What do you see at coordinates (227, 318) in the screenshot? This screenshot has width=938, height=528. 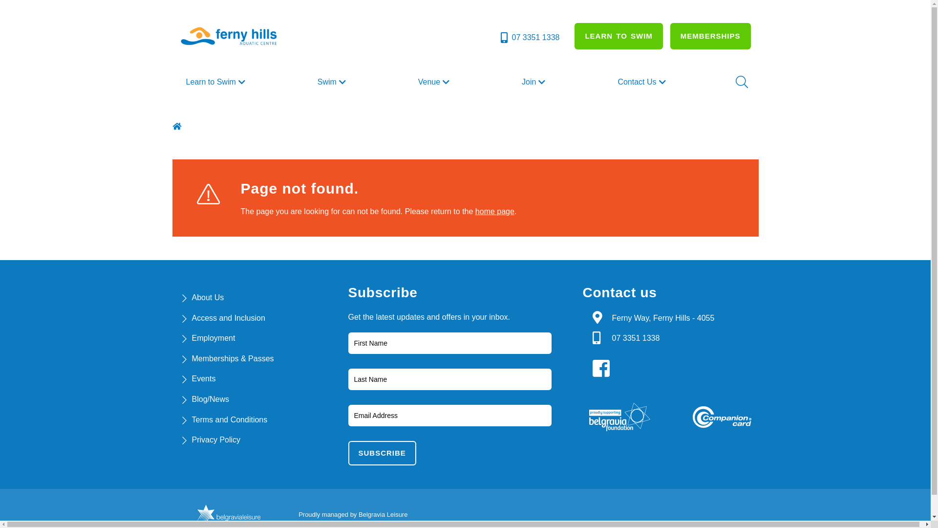 I see `'Access and Inclusion'` at bounding box center [227, 318].